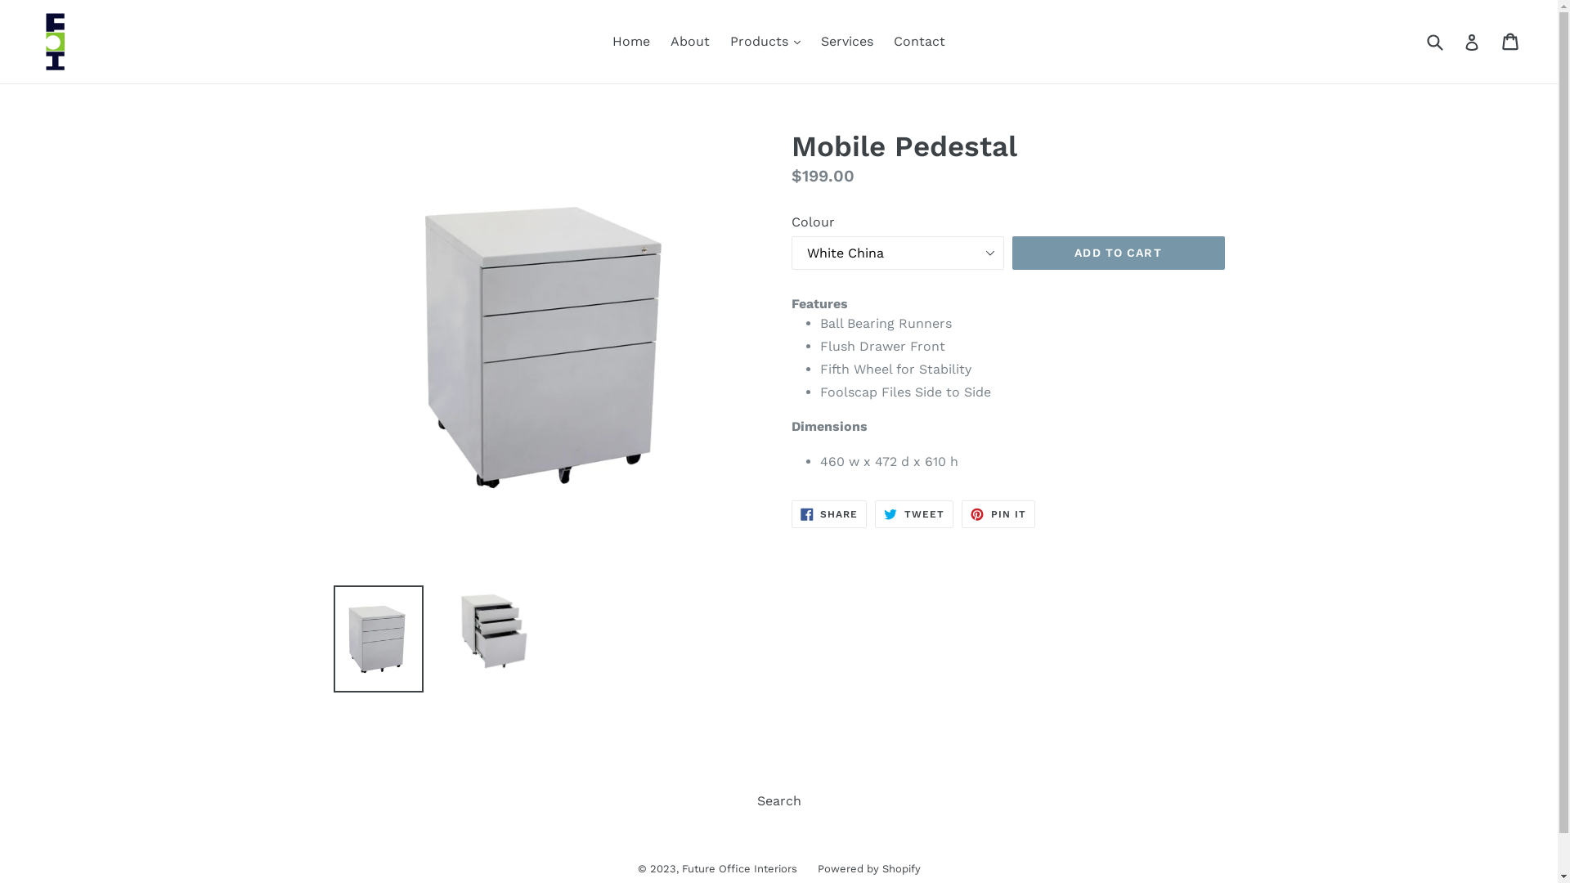 This screenshot has width=1570, height=883. What do you see at coordinates (919, 40) in the screenshot?
I see `'Contact'` at bounding box center [919, 40].